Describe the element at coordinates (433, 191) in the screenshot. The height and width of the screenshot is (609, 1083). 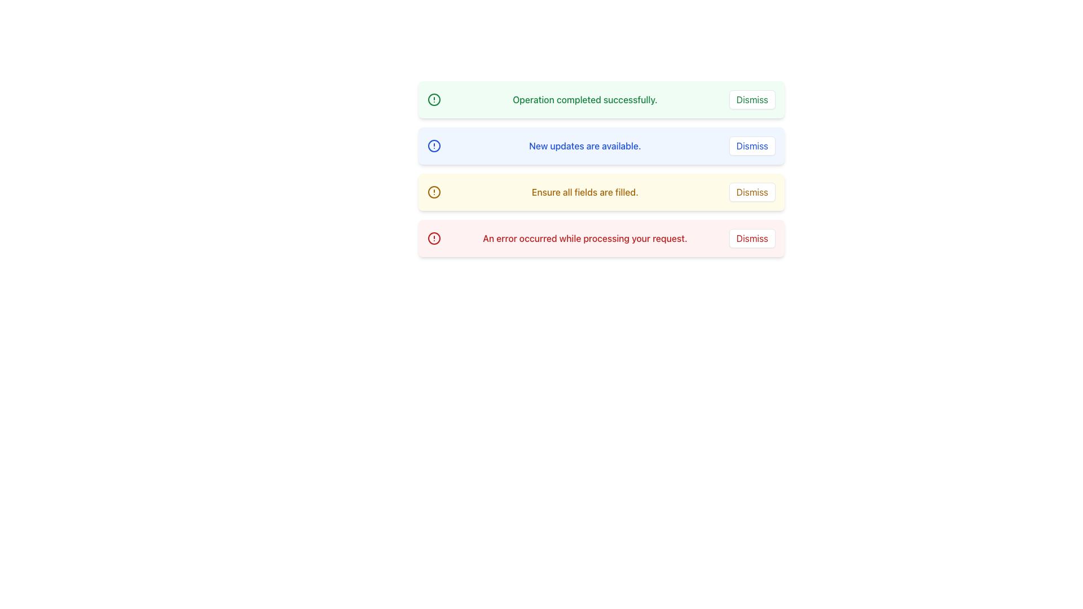
I see `the alert icon located on the left side of the third notification bar, next to the text 'Ensure all fields are filled.' and the 'Dismiss' button` at that location.